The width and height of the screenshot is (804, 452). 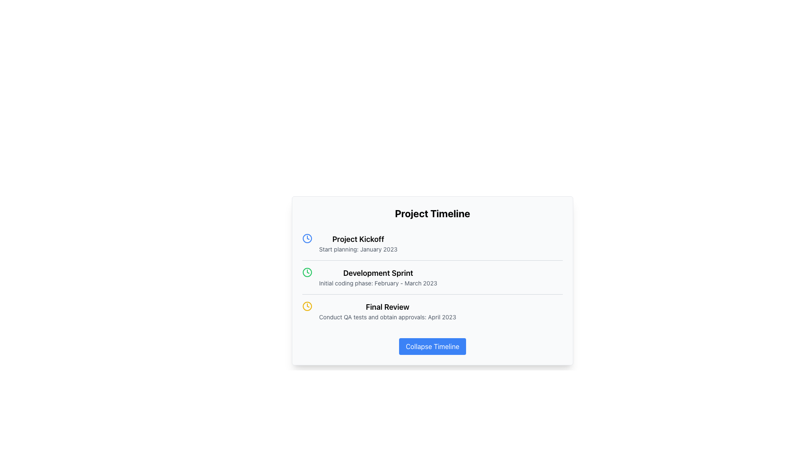 I want to click on the yellow clock icon with a circular outline, positioned to the left of the text 'Final Review' in the third section of the timeline, so click(x=307, y=306).